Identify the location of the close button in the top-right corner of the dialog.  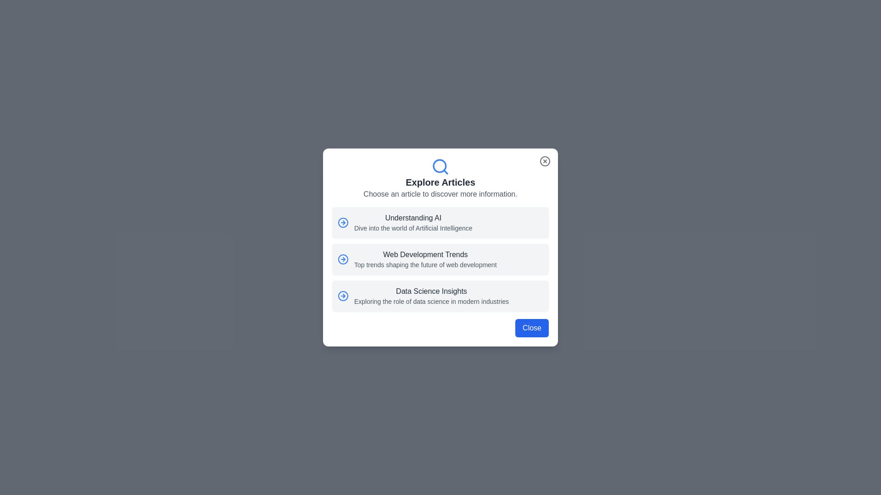
(545, 160).